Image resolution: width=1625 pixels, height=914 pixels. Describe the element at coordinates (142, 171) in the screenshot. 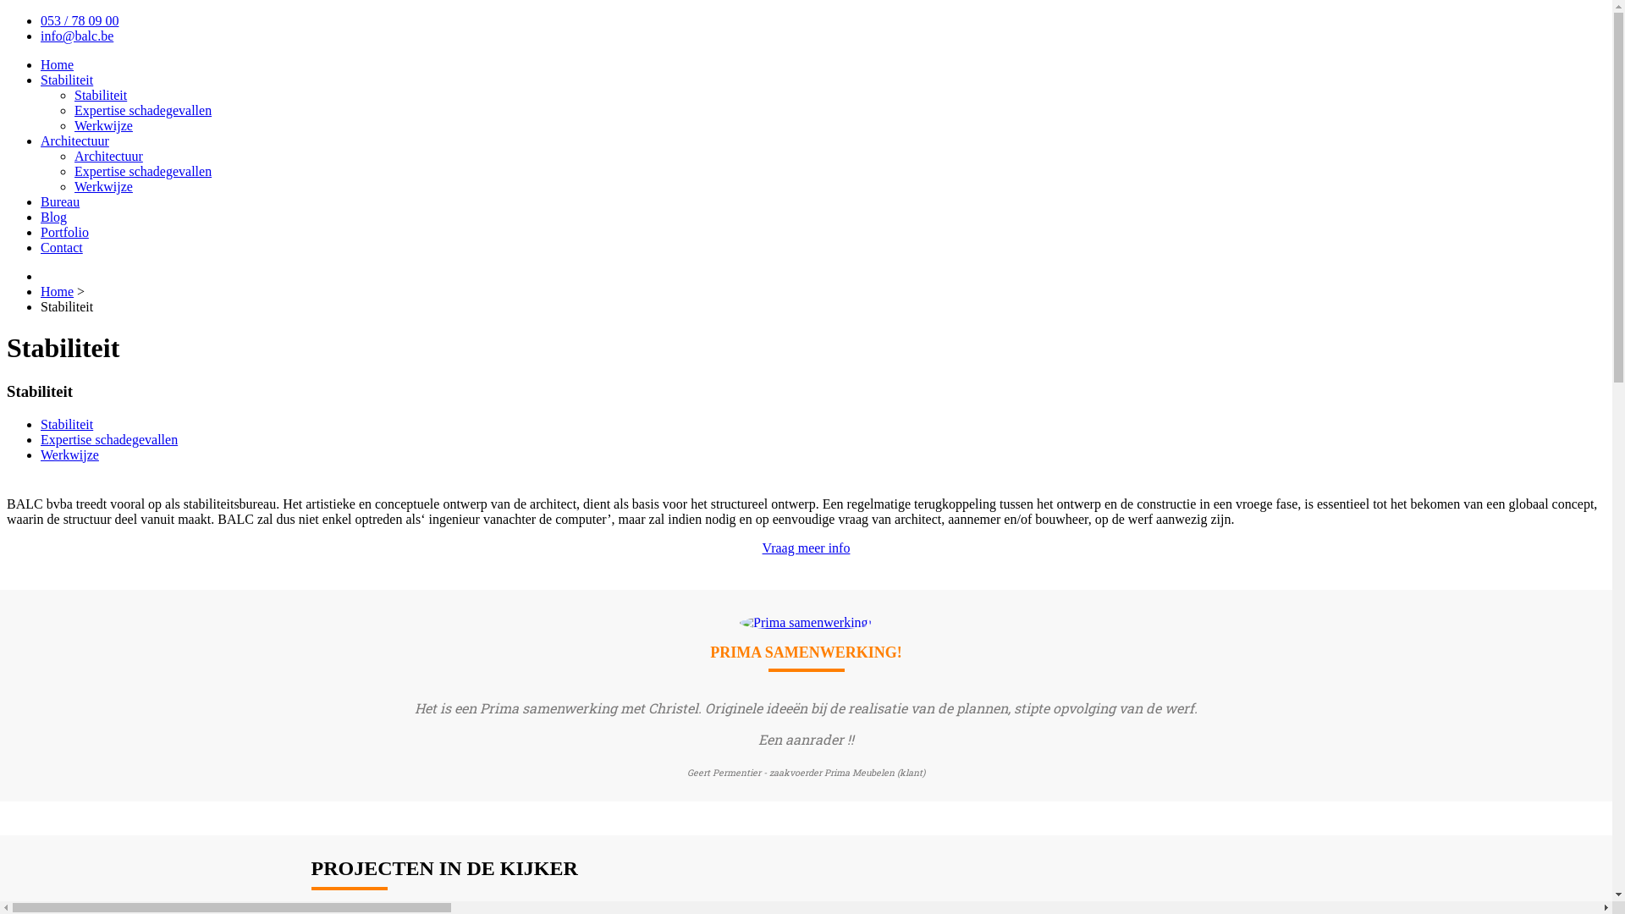

I see `'Expertise schadegevallen'` at that location.